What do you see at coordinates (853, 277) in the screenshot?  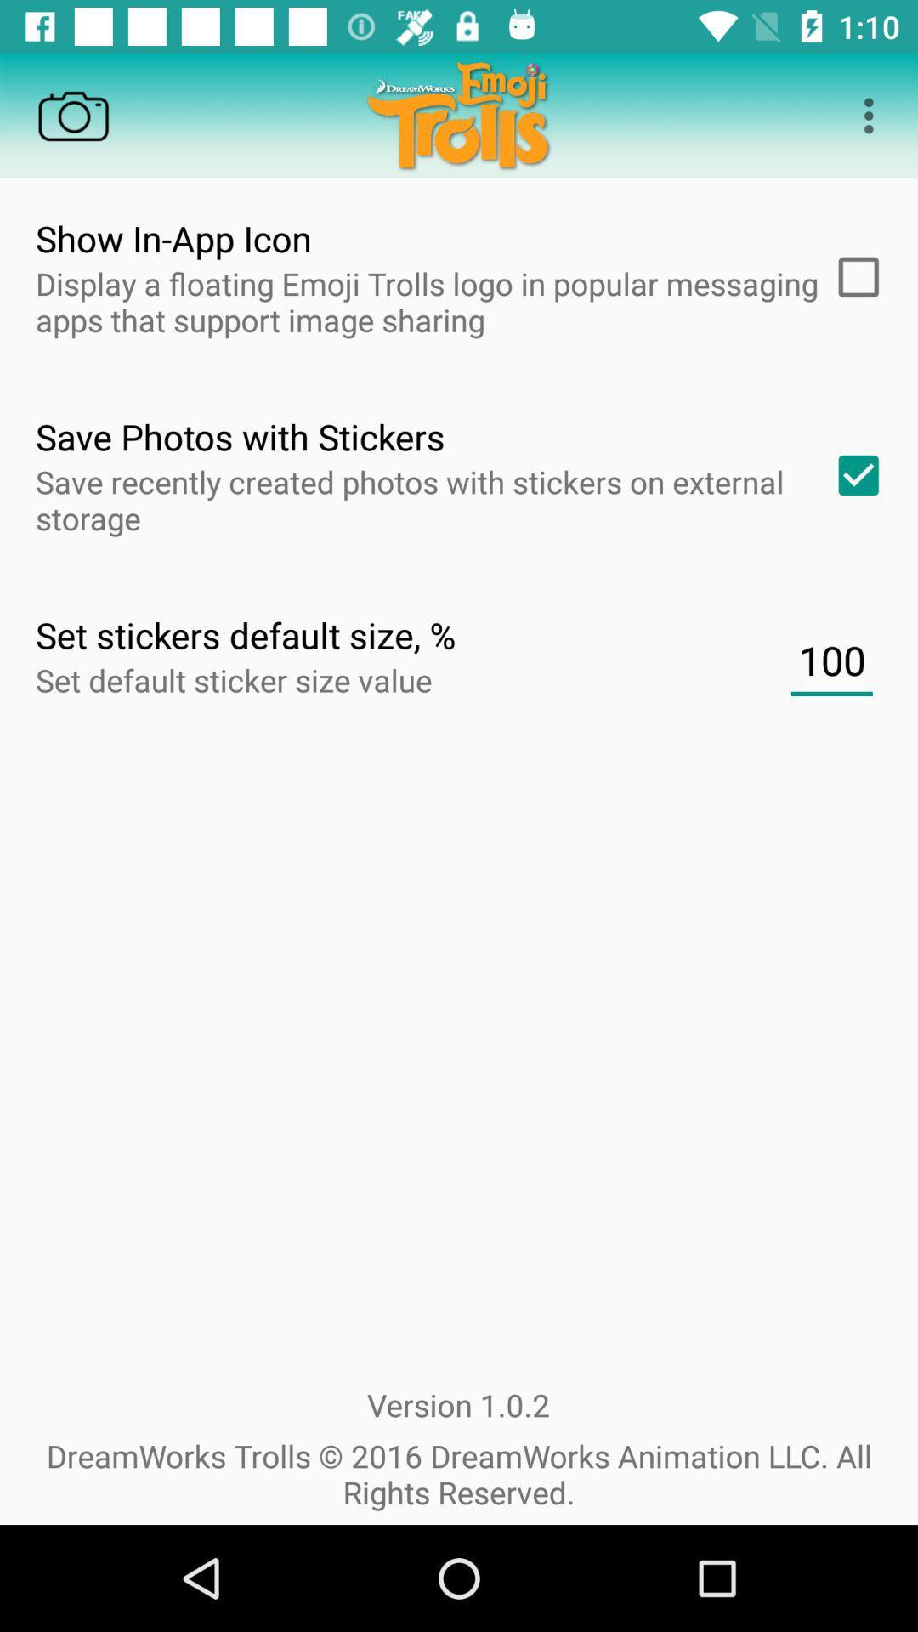 I see `item to the right of display a floating item` at bounding box center [853, 277].